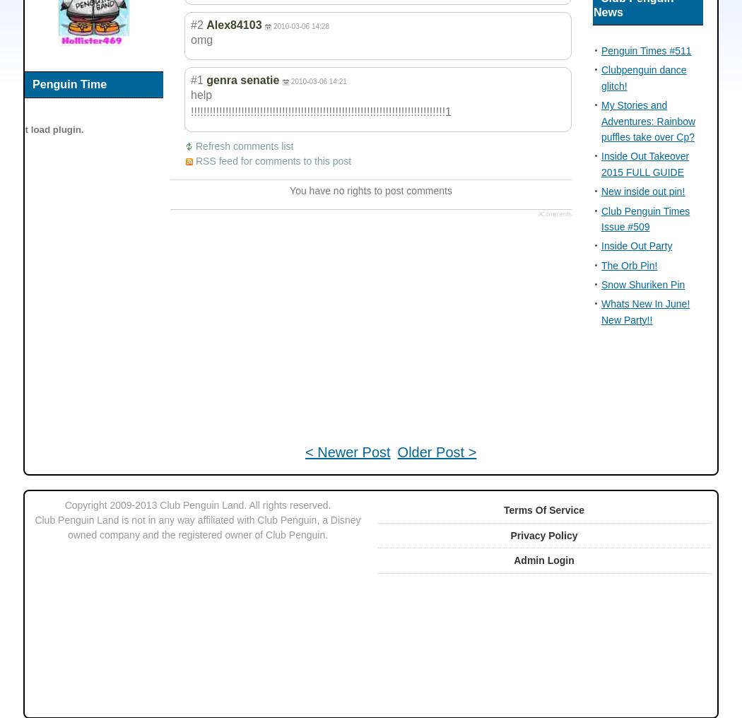 The image size is (742, 718). What do you see at coordinates (643, 78) in the screenshot?
I see `'Clubpenguin dance glitch!'` at bounding box center [643, 78].